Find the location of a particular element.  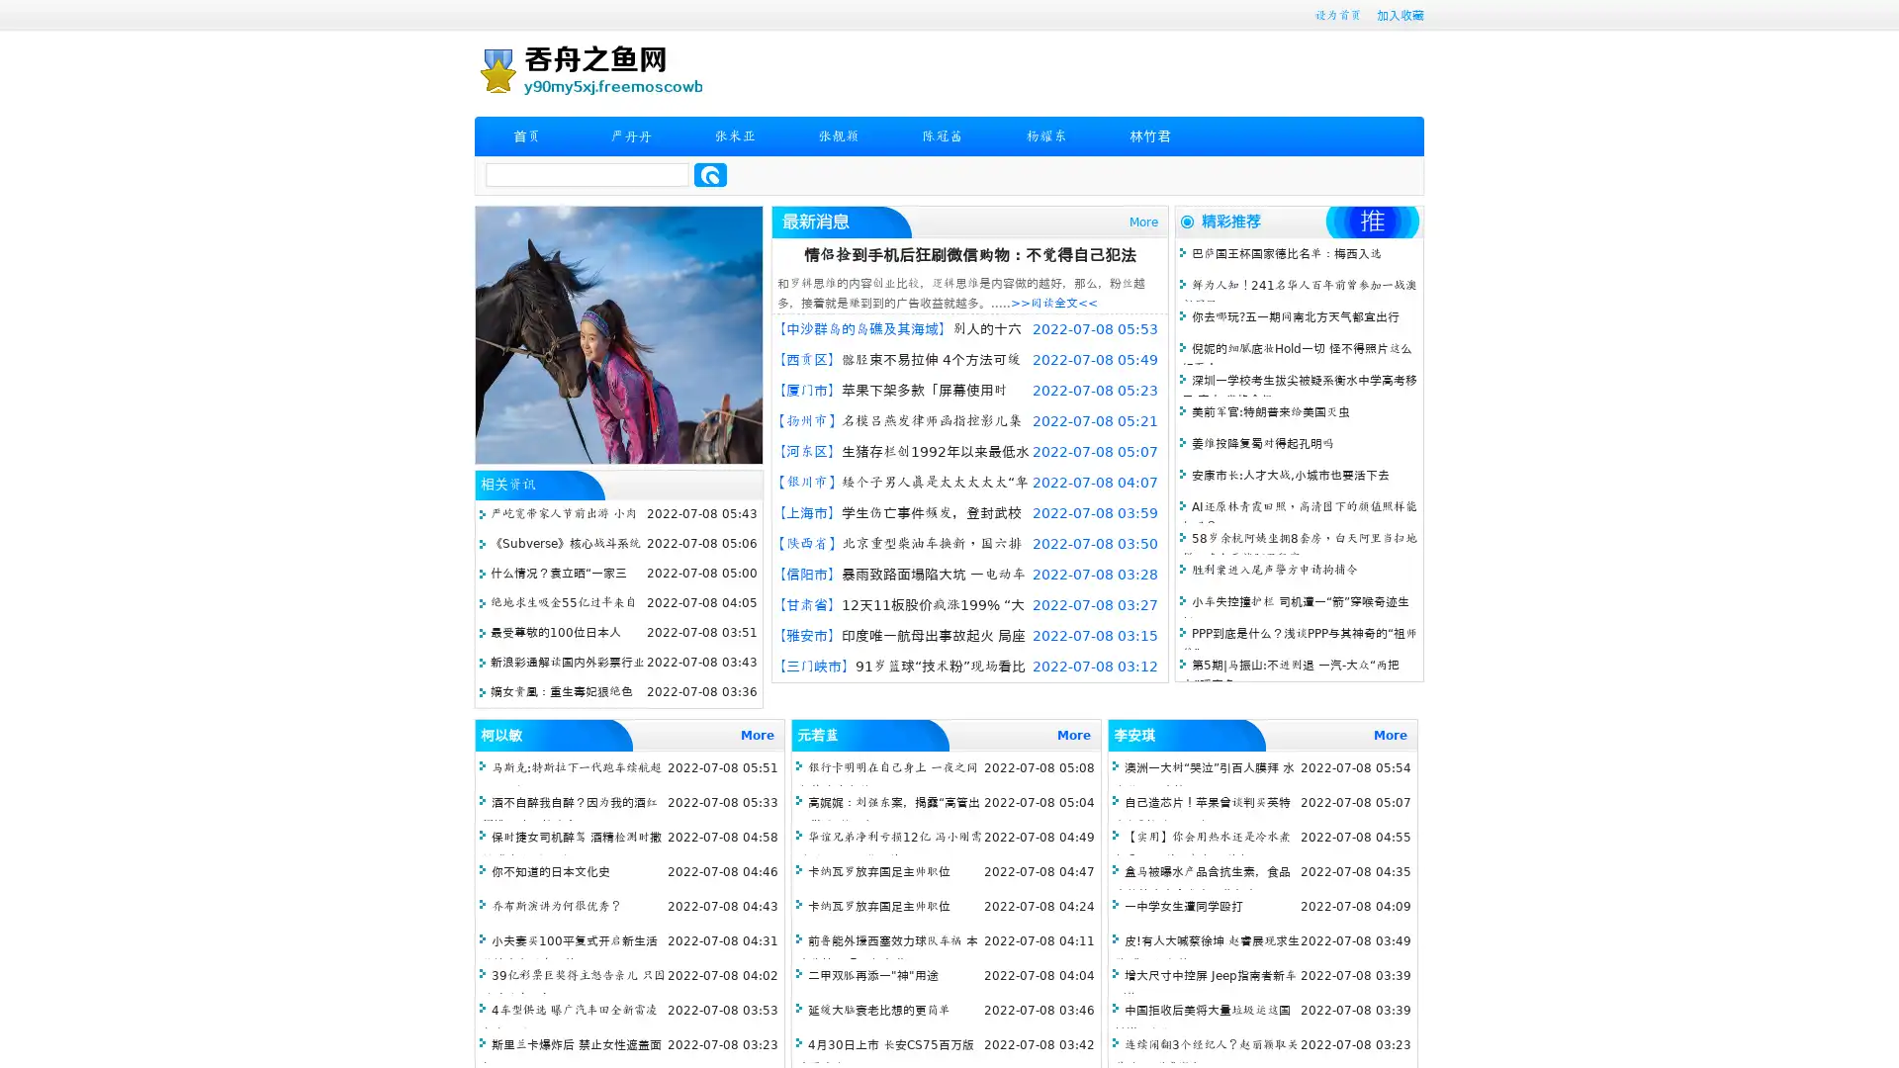

Search is located at coordinates (710, 174).